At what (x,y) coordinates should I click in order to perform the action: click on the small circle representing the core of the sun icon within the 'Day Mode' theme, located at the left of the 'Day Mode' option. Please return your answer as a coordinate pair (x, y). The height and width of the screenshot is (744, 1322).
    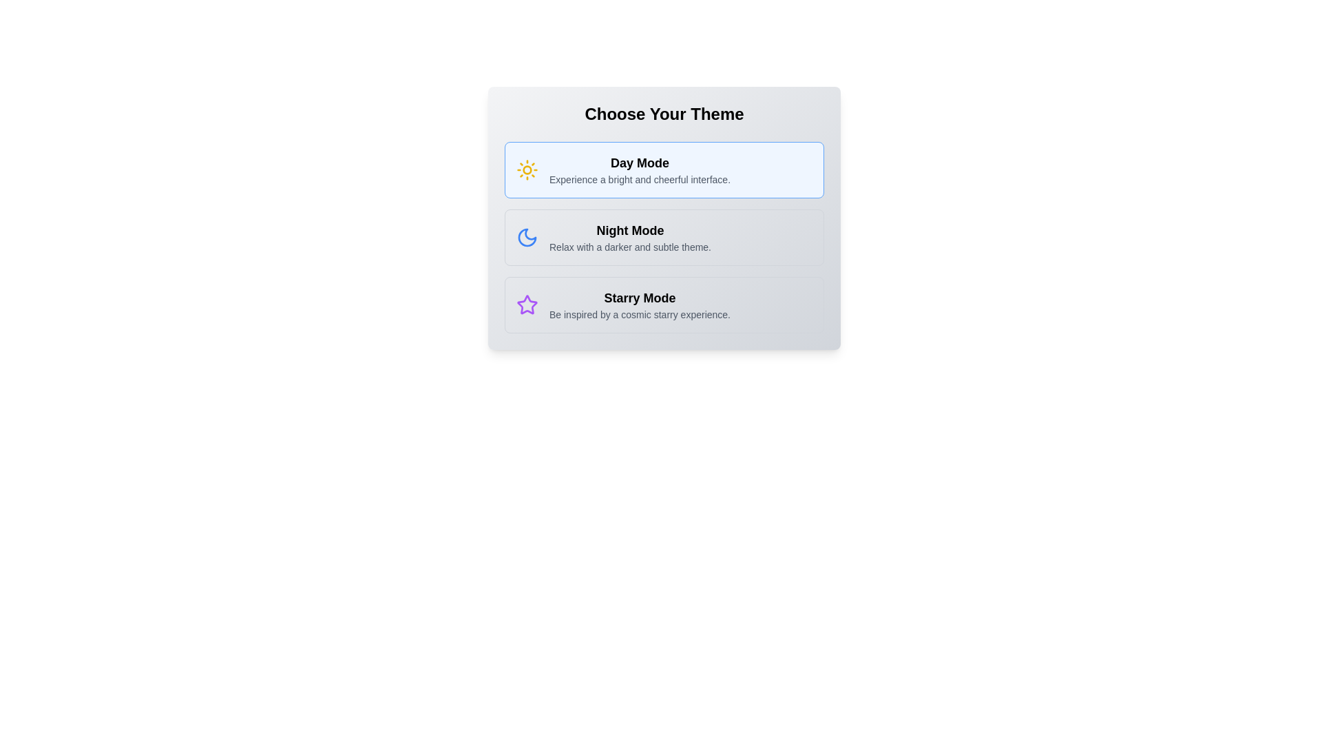
    Looking at the image, I should click on (527, 169).